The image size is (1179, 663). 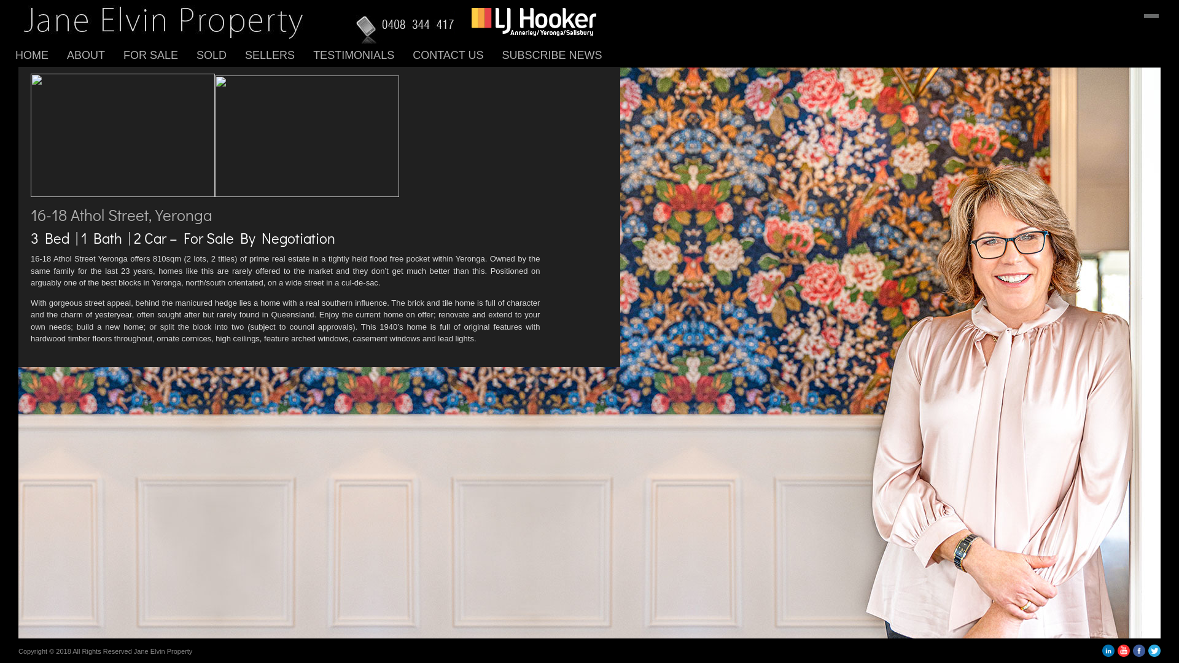 I want to click on 'TESTIMONIALS', so click(x=362, y=54).